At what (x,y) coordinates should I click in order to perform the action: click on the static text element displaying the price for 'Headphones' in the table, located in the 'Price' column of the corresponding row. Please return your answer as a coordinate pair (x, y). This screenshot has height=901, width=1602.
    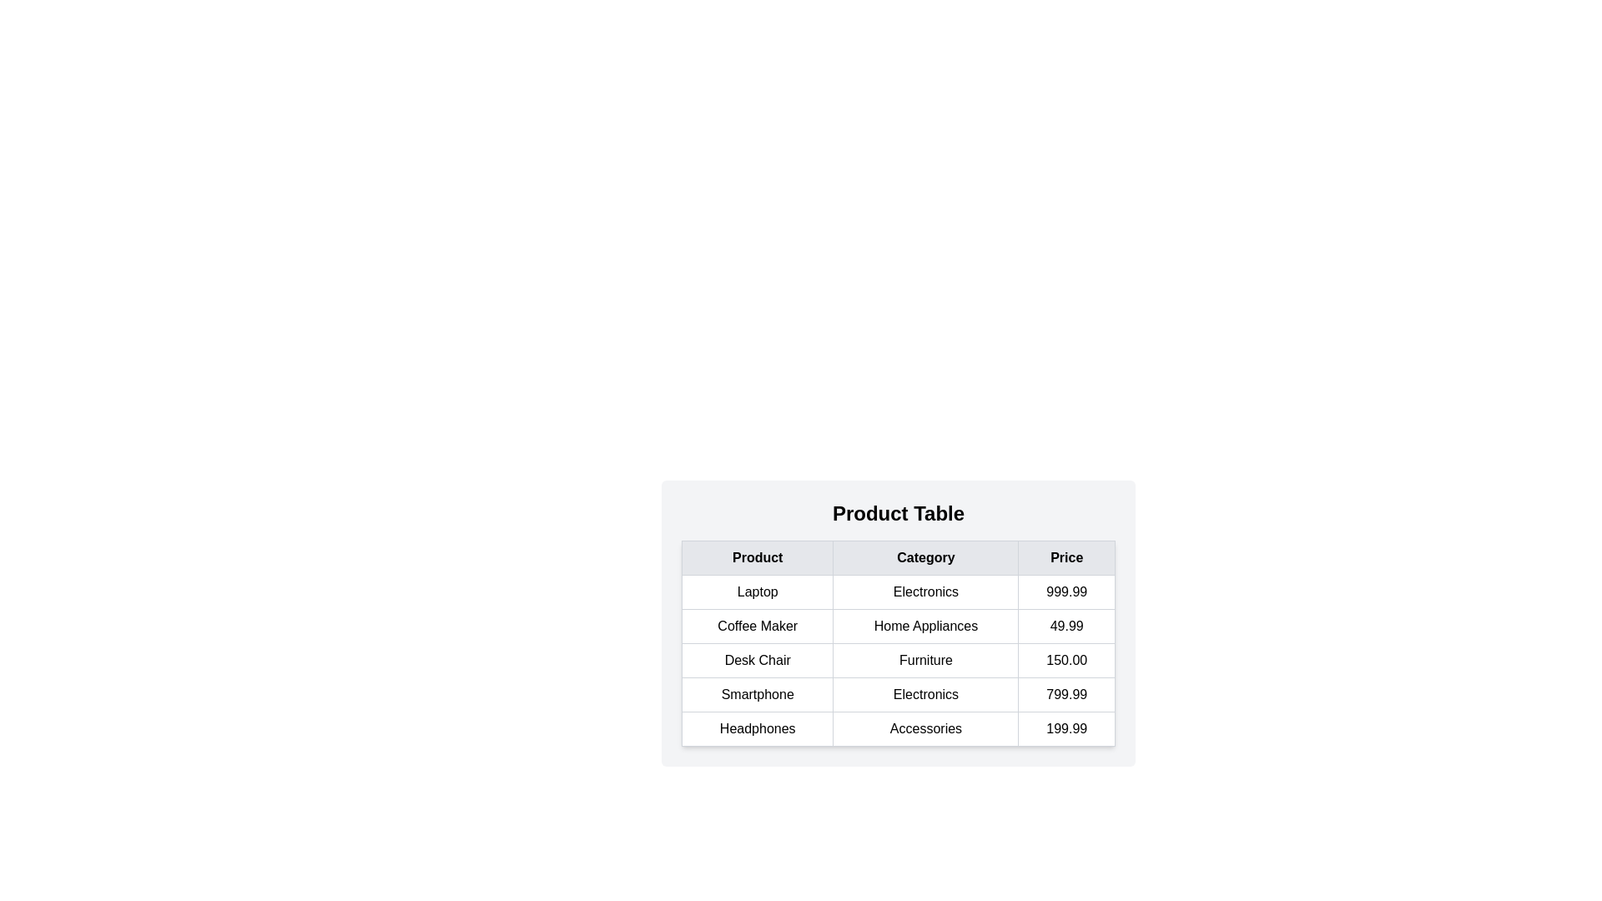
    Looking at the image, I should click on (1065, 728).